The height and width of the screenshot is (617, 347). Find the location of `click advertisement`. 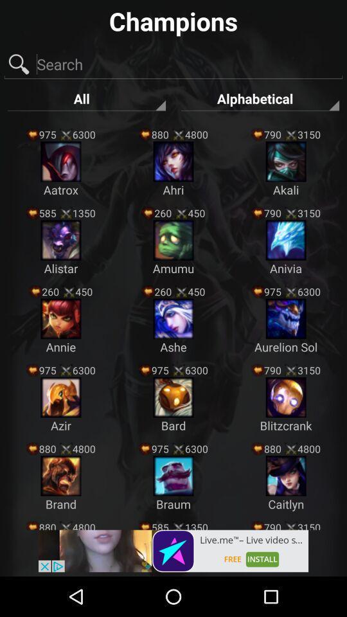

click advertisement is located at coordinates (173, 550).